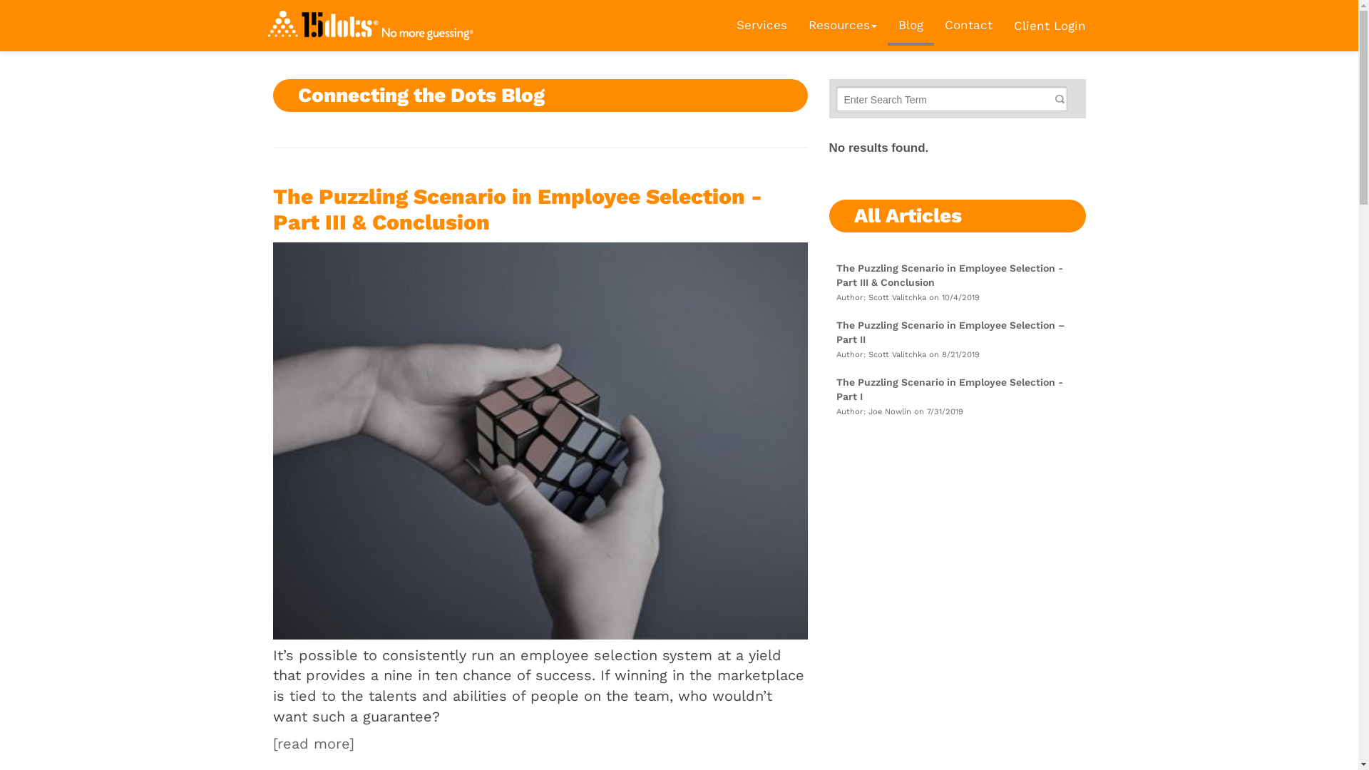 This screenshot has width=1369, height=770. I want to click on 'Resources', so click(841, 24).